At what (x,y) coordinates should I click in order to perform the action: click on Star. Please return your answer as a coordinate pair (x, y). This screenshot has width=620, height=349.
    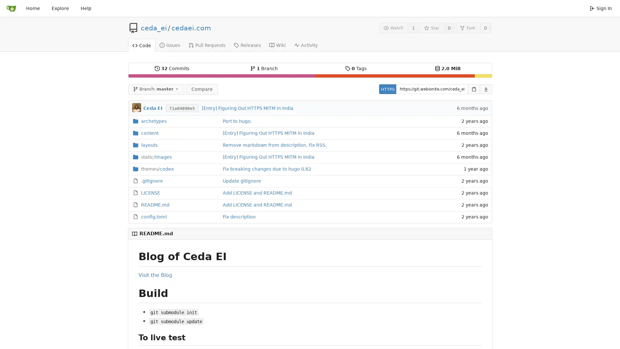
    Looking at the image, I should click on (432, 27).